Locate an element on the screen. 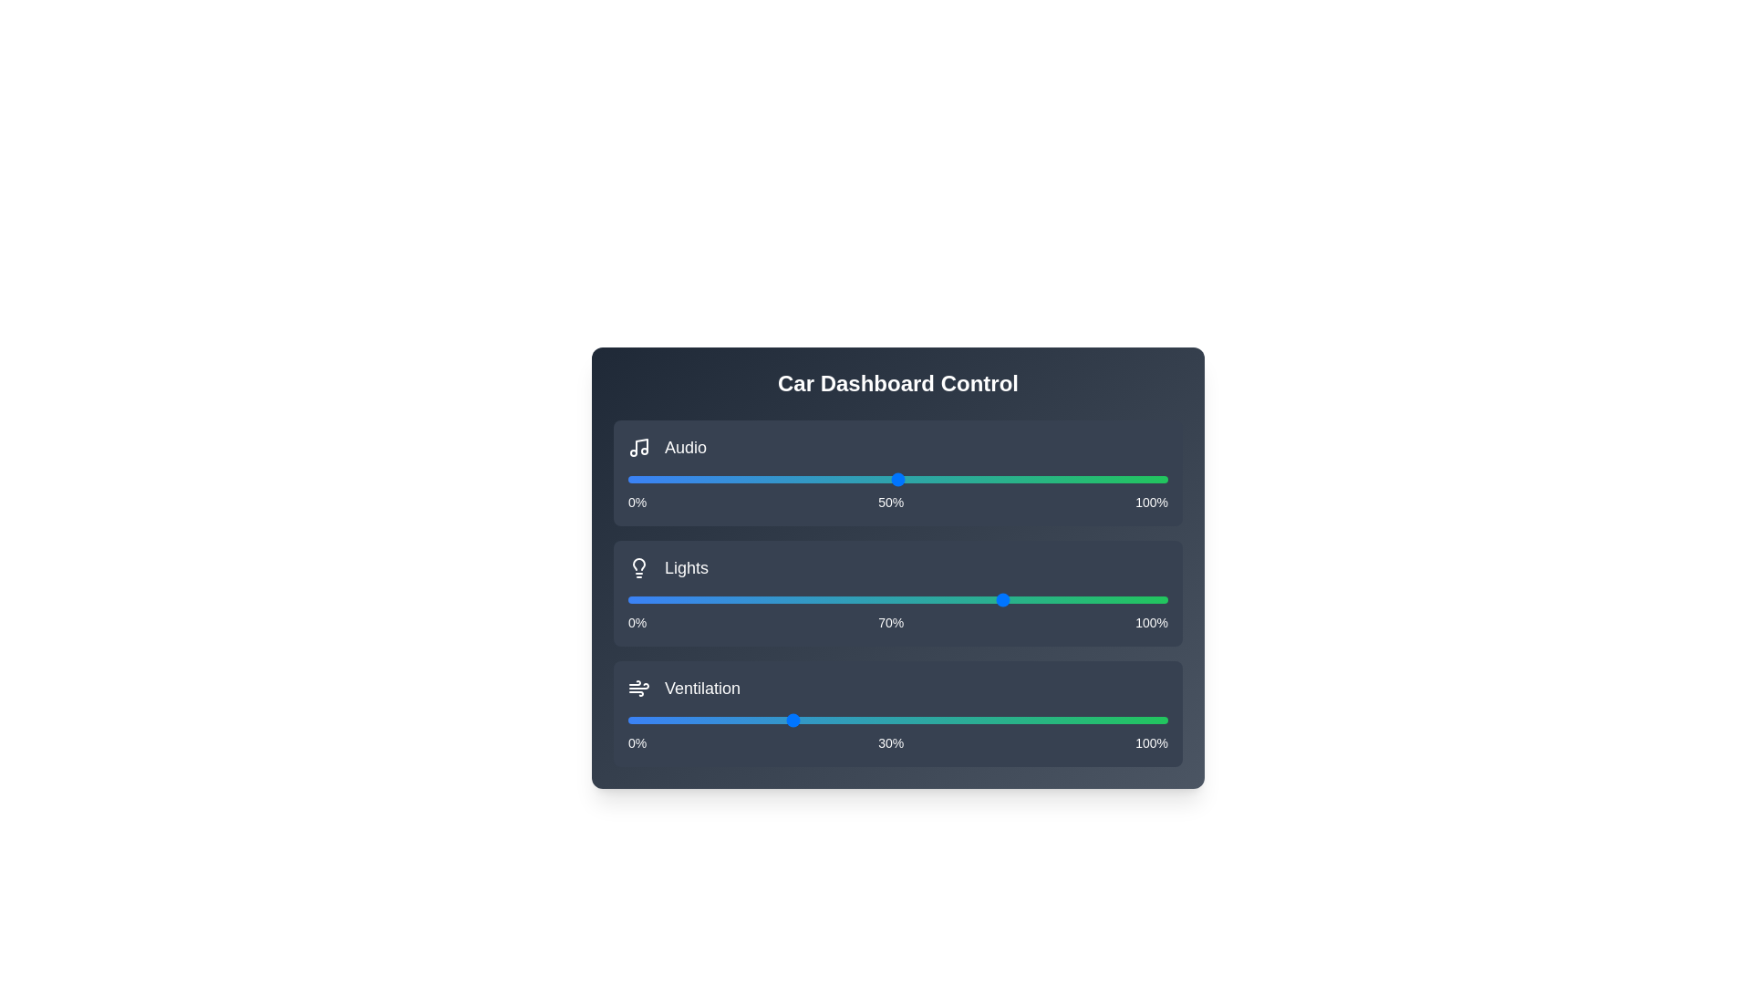 Image resolution: width=1751 pixels, height=985 pixels. the ventilation slider to 39% is located at coordinates (837, 720).